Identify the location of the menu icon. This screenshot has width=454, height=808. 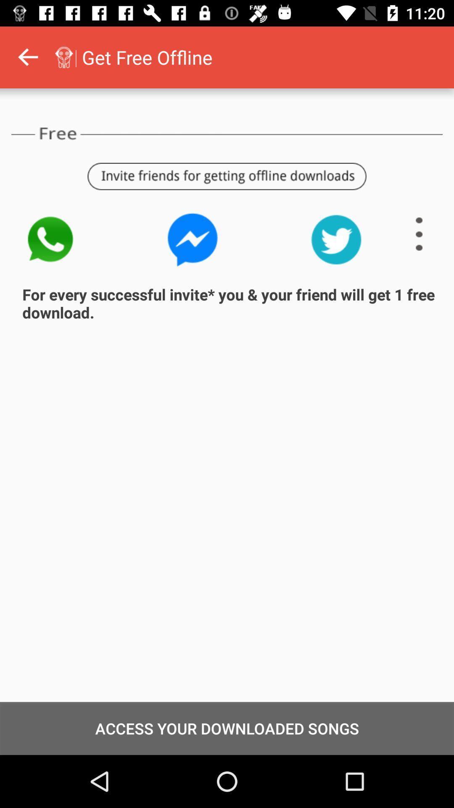
(419, 234).